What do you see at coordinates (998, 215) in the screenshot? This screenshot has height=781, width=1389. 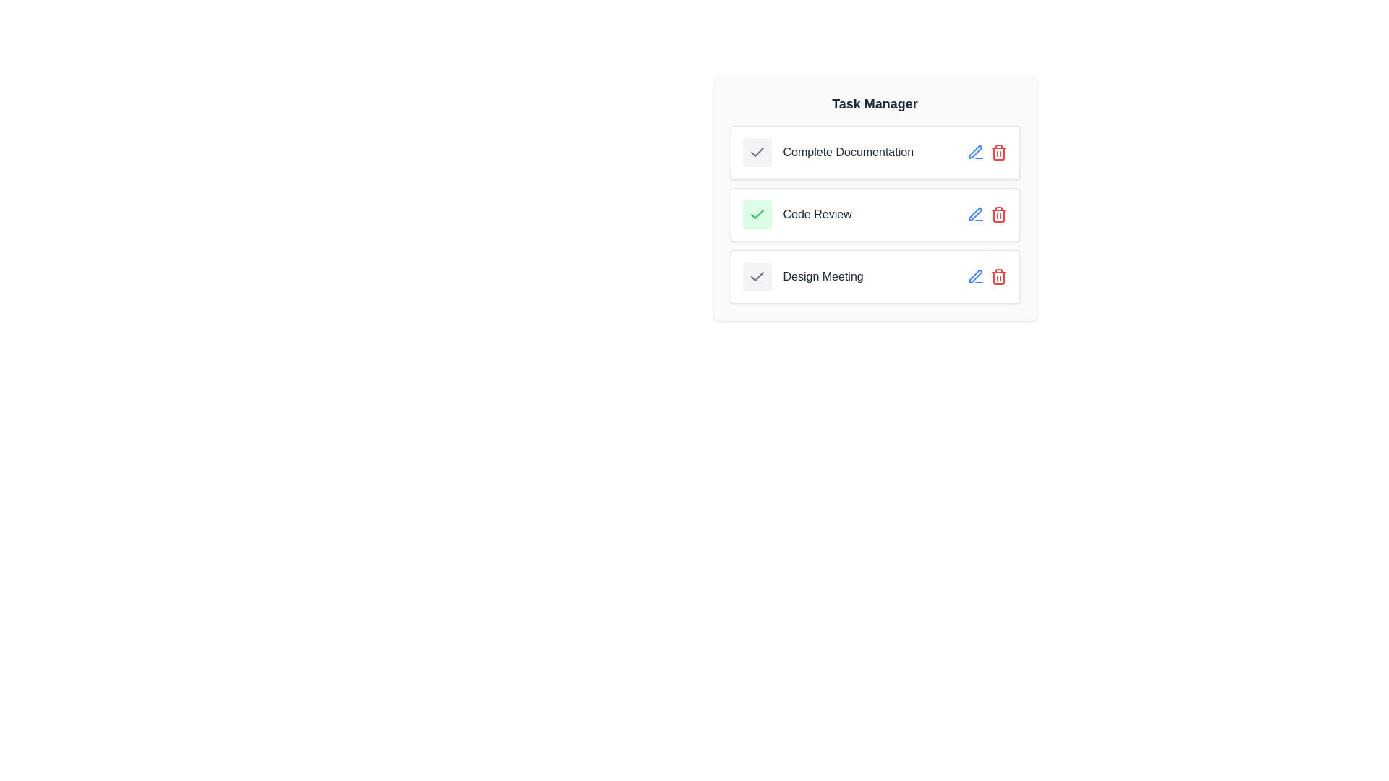 I see `the Icon button located at the right edge of the task manager interface adjacent to the 'Code Review' list item` at bounding box center [998, 215].